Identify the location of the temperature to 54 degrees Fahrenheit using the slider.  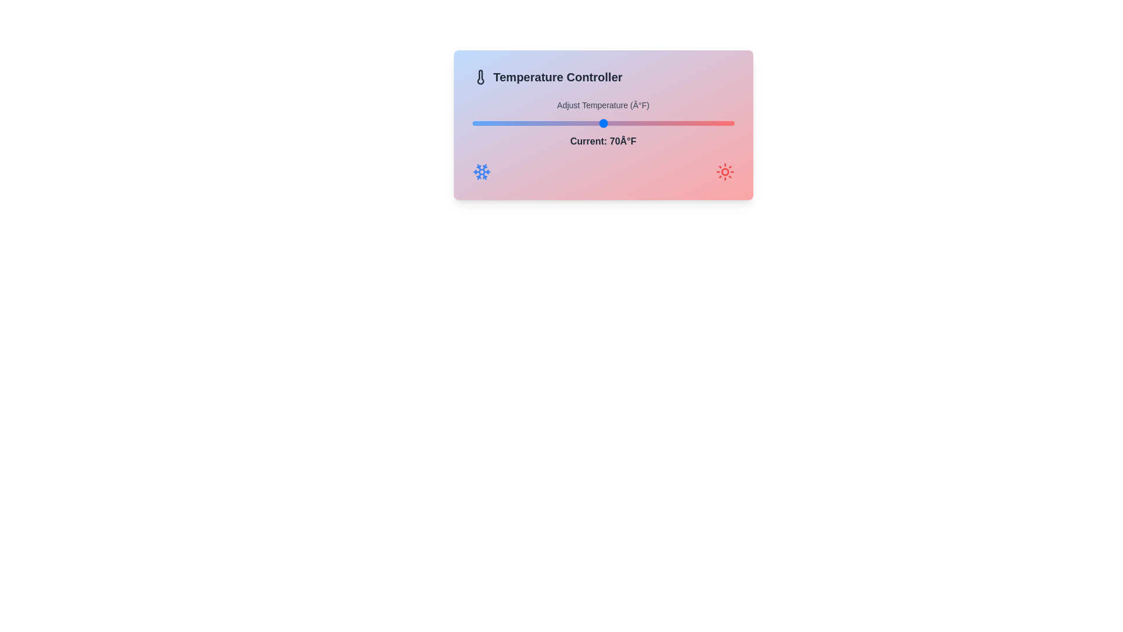
(498, 123).